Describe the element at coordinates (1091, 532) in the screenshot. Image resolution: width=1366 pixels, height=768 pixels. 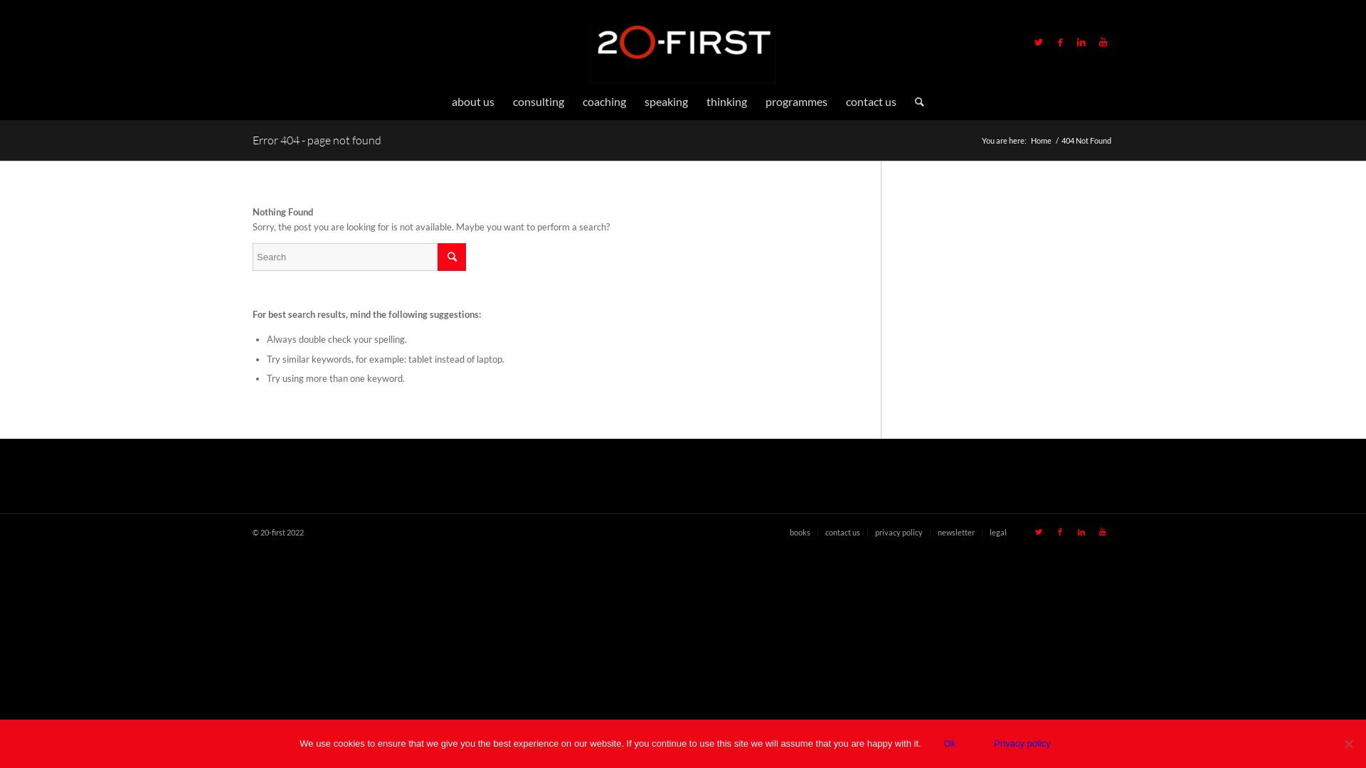
I see `'Youtube'` at that location.